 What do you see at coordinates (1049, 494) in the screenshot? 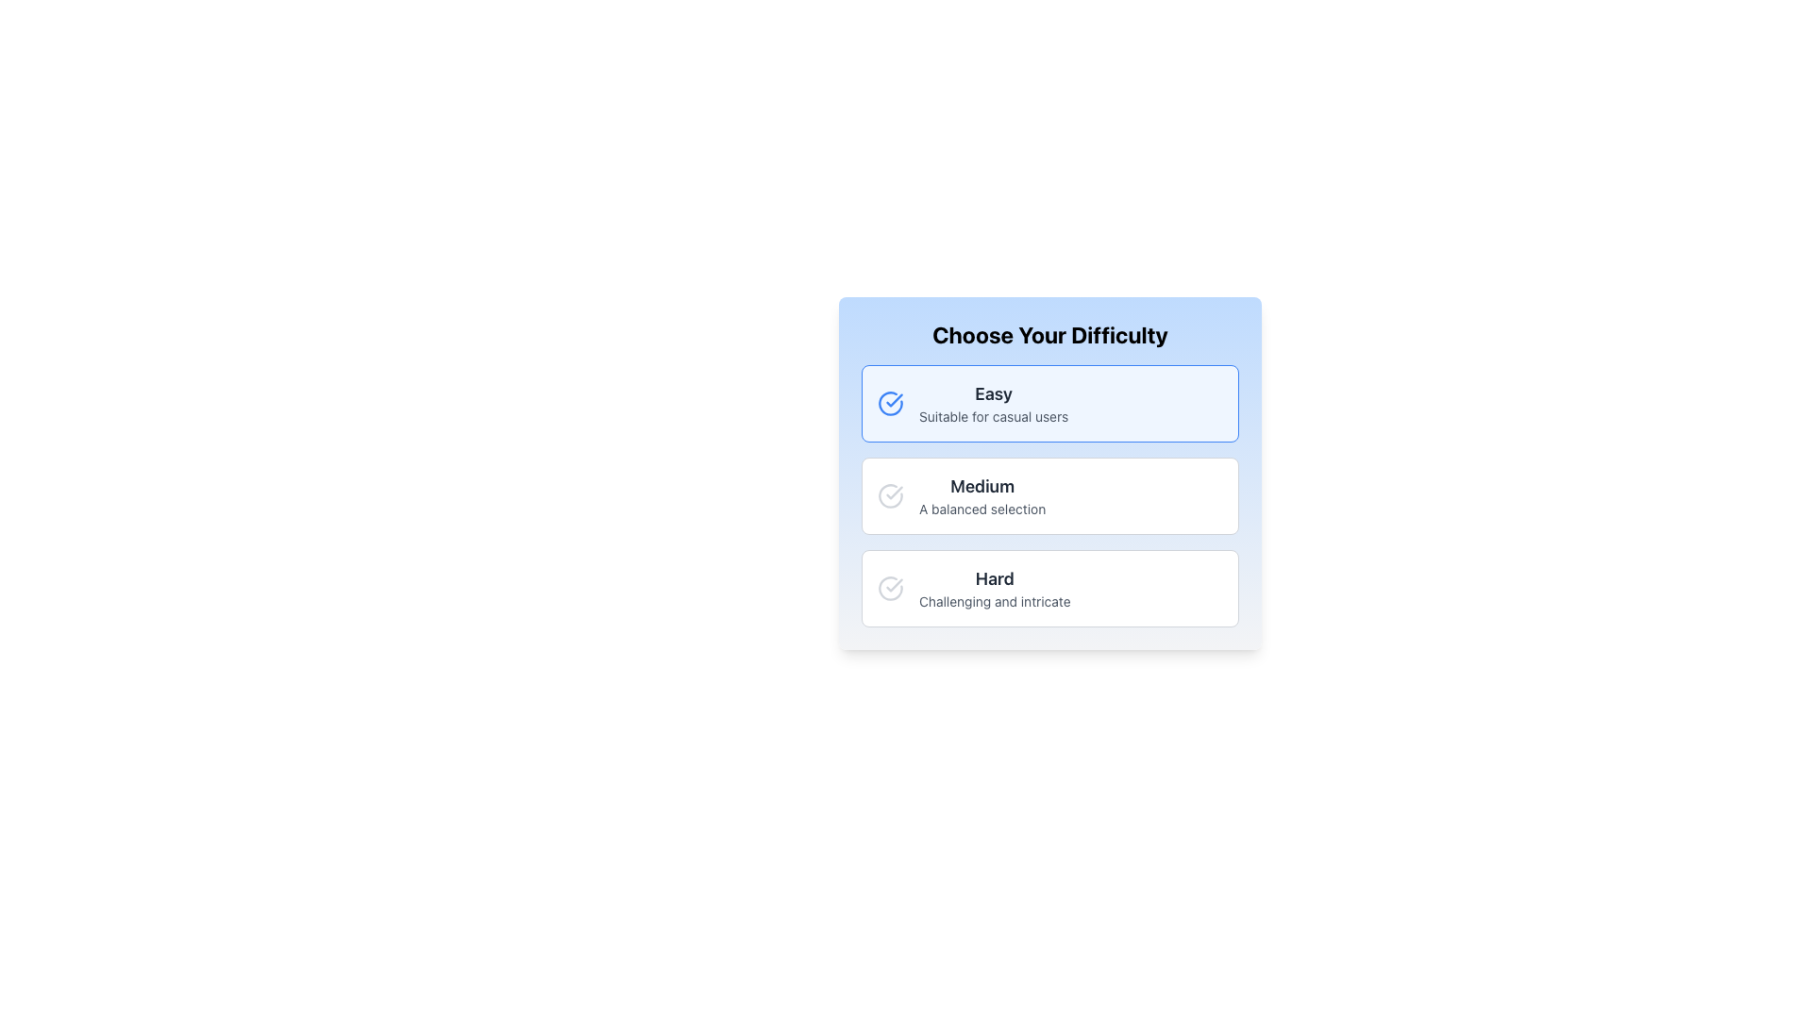
I see `the 'Medium' difficulty selectable card, which is the second option in a vertical list on the difficulty selection interface, to visualize its hover effects` at bounding box center [1049, 494].